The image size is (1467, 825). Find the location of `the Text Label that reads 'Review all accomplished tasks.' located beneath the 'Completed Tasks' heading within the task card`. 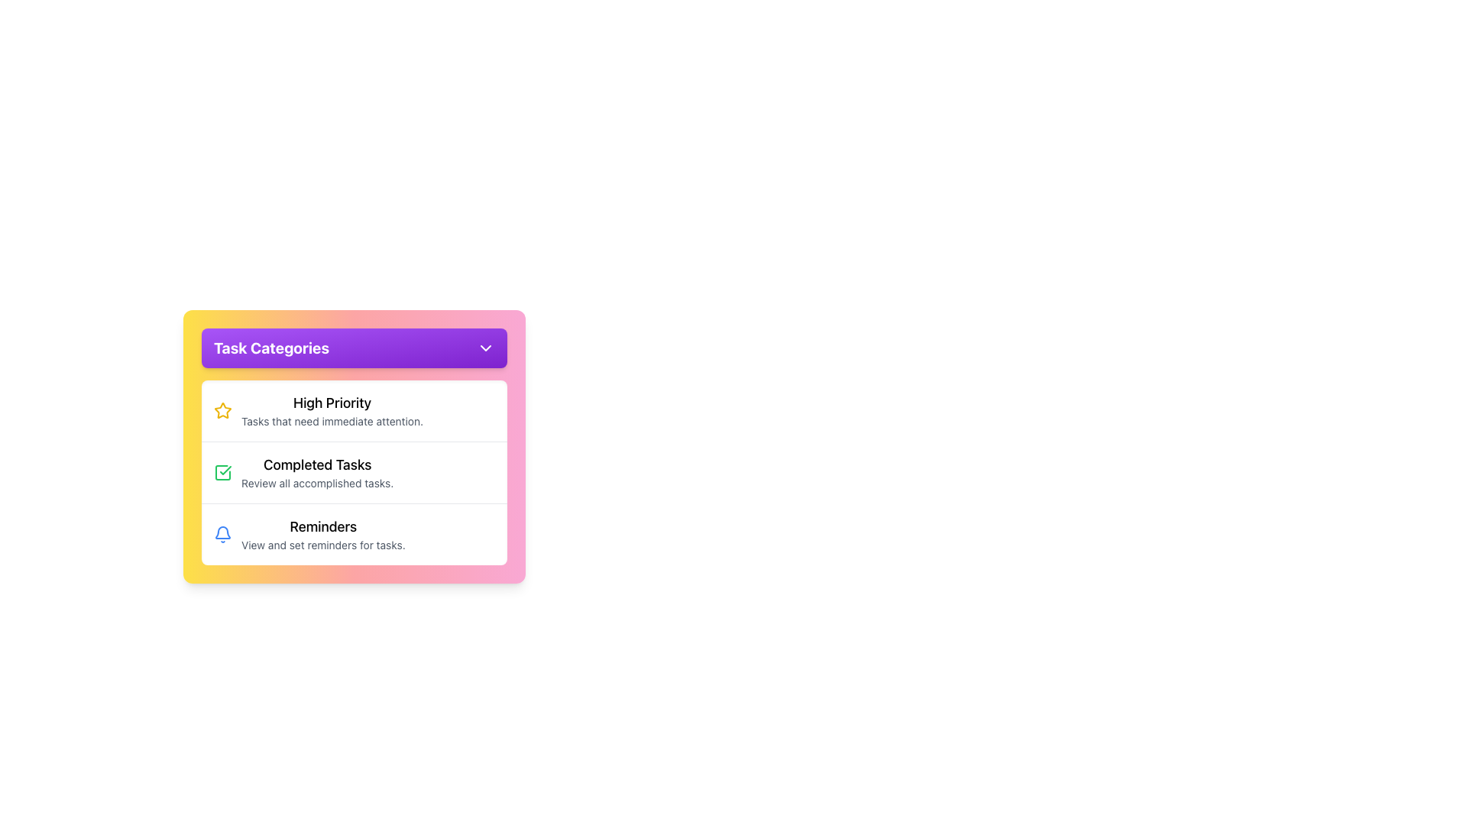

the Text Label that reads 'Review all accomplished tasks.' located beneath the 'Completed Tasks' heading within the task card is located at coordinates (316, 483).